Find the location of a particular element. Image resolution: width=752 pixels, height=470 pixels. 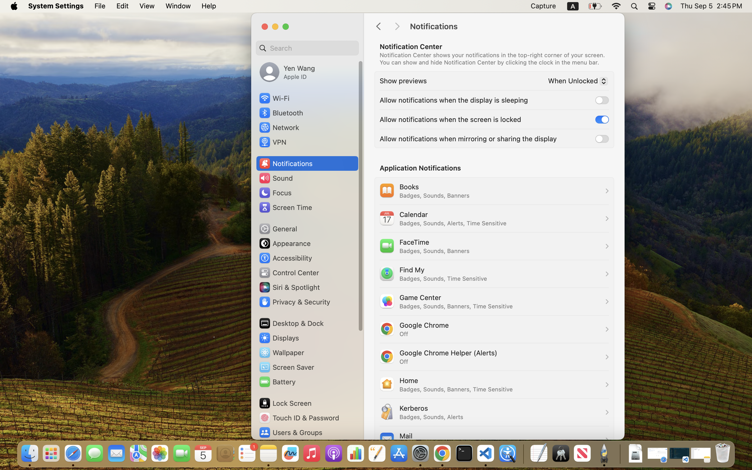

'Privacy & Security' is located at coordinates (294, 301).